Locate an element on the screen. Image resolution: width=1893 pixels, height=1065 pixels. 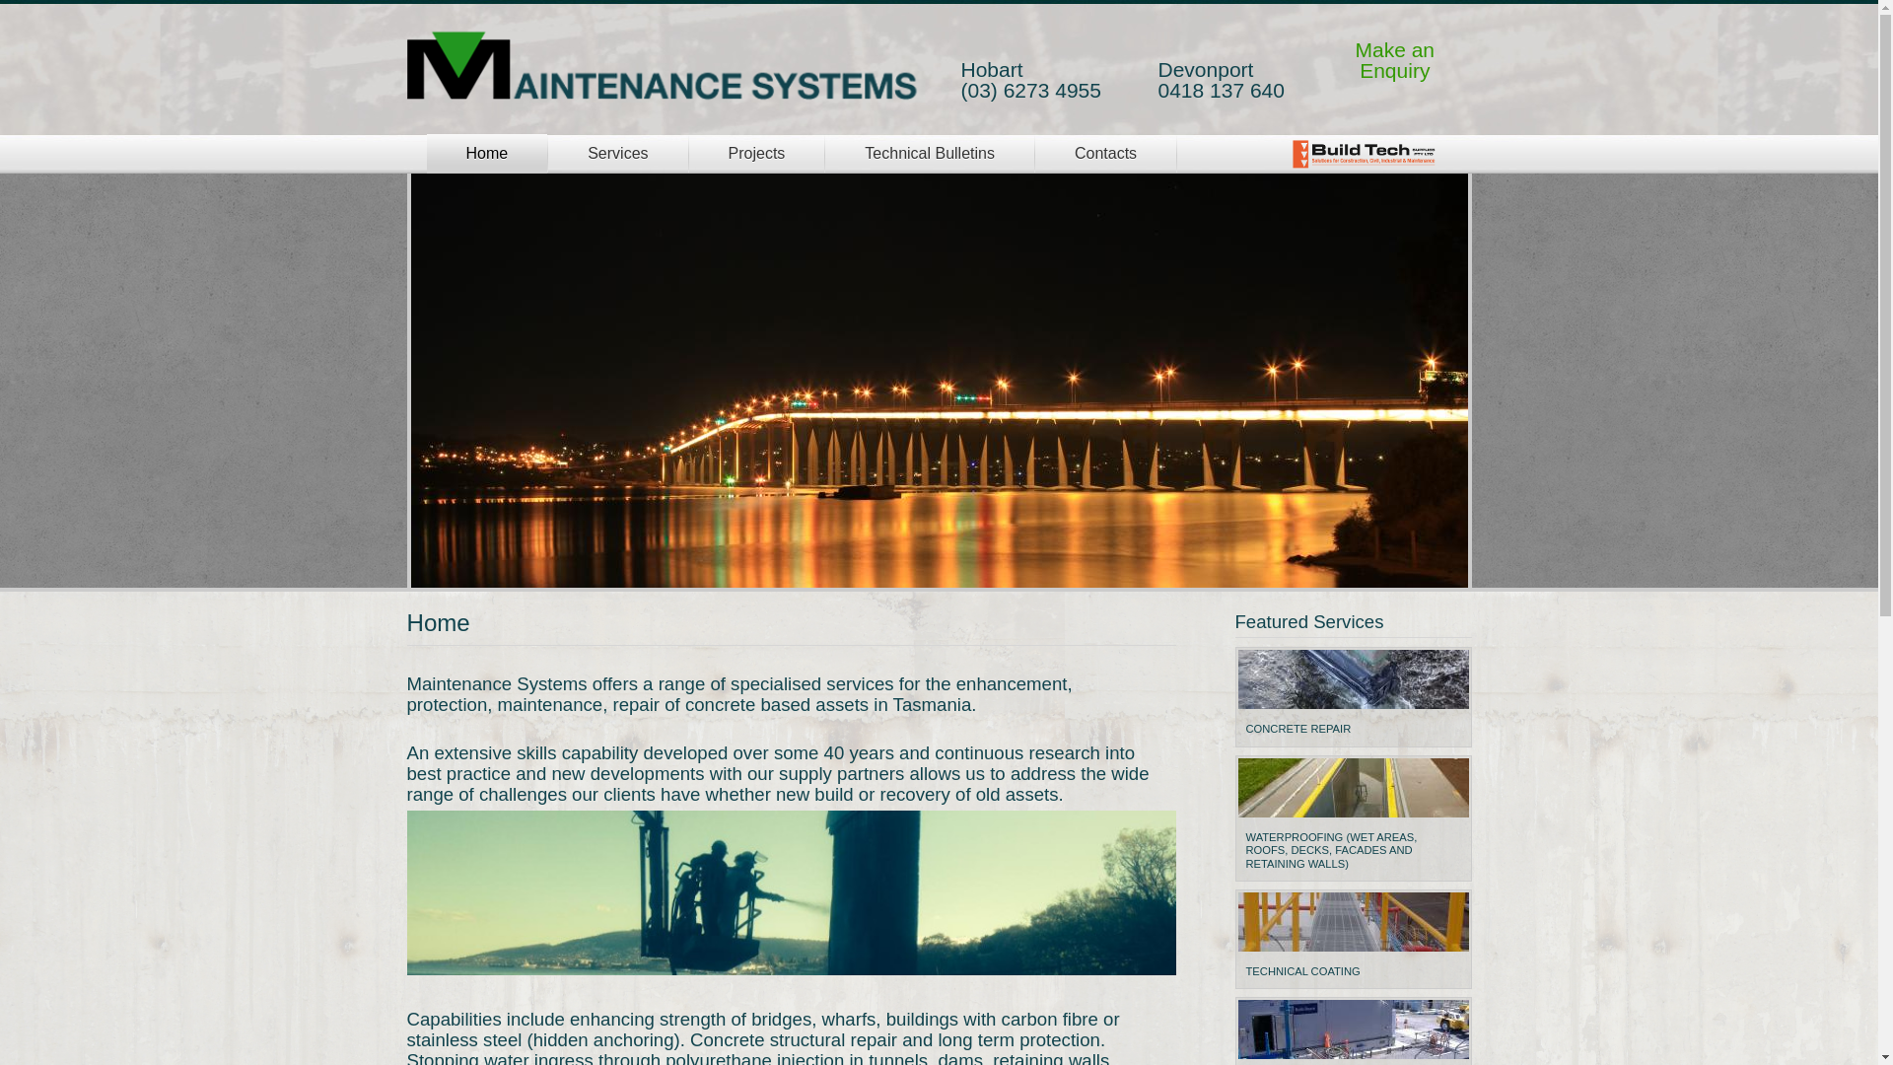
'Services' is located at coordinates (548, 152).